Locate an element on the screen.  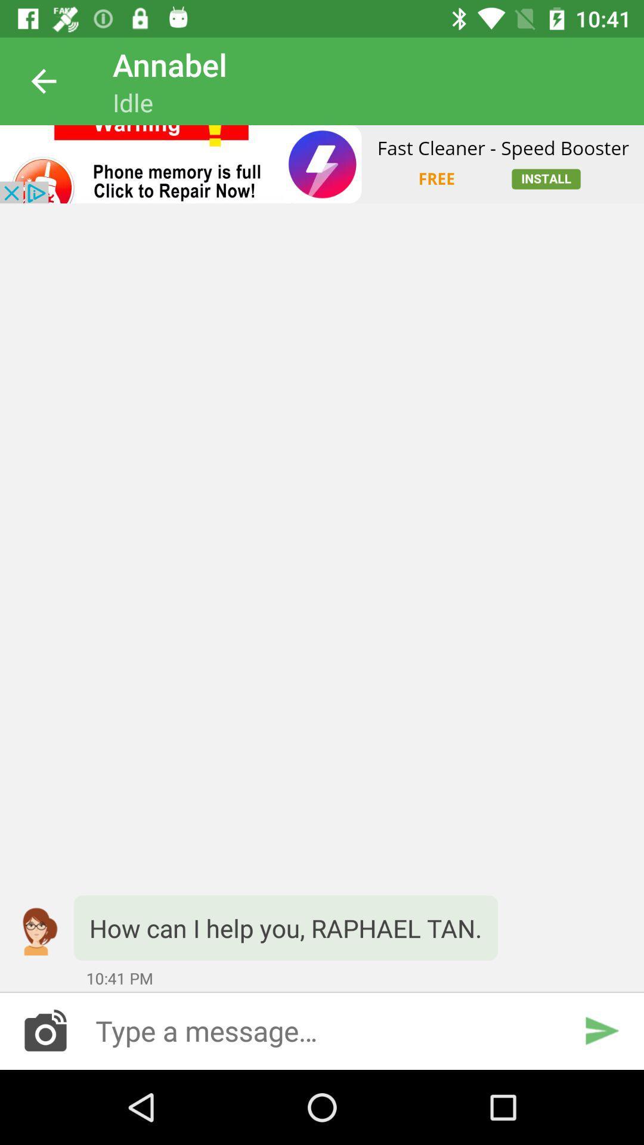
send the message is located at coordinates (601, 1030).